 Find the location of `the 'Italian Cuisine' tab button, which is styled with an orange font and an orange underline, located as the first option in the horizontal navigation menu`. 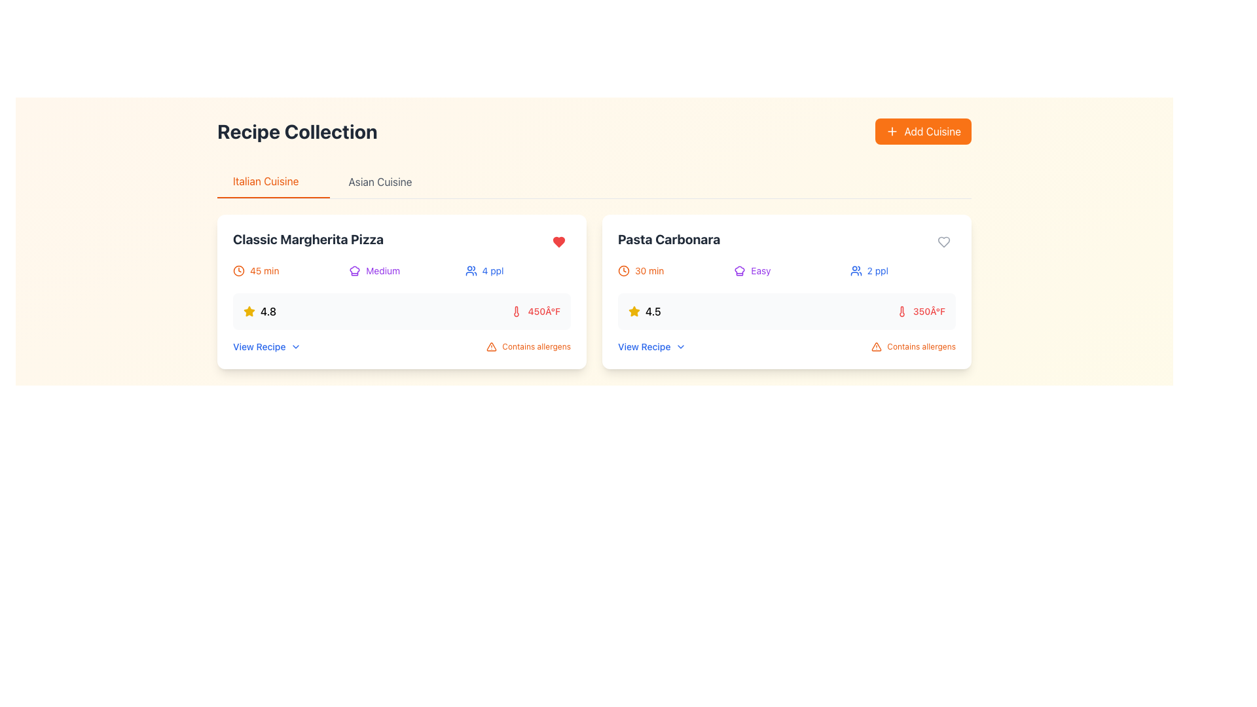

the 'Italian Cuisine' tab button, which is styled with an orange font and an orange underline, located as the first option in the horizontal navigation menu is located at coordinates (273, 181).